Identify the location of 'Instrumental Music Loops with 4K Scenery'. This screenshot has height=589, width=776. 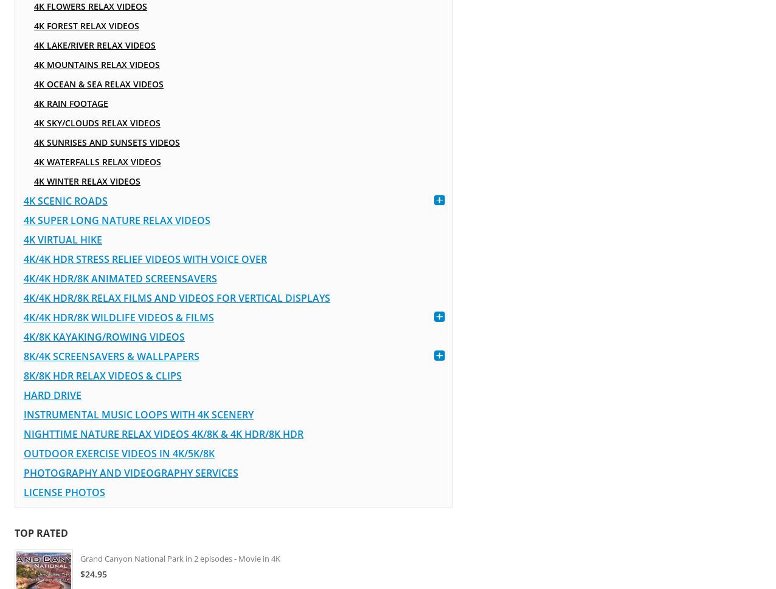
(138, 414).